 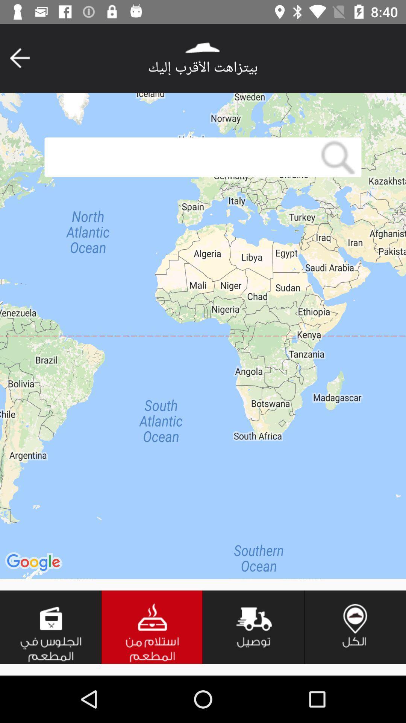 I want to click on click on the search button, so click(x=338, y=157).